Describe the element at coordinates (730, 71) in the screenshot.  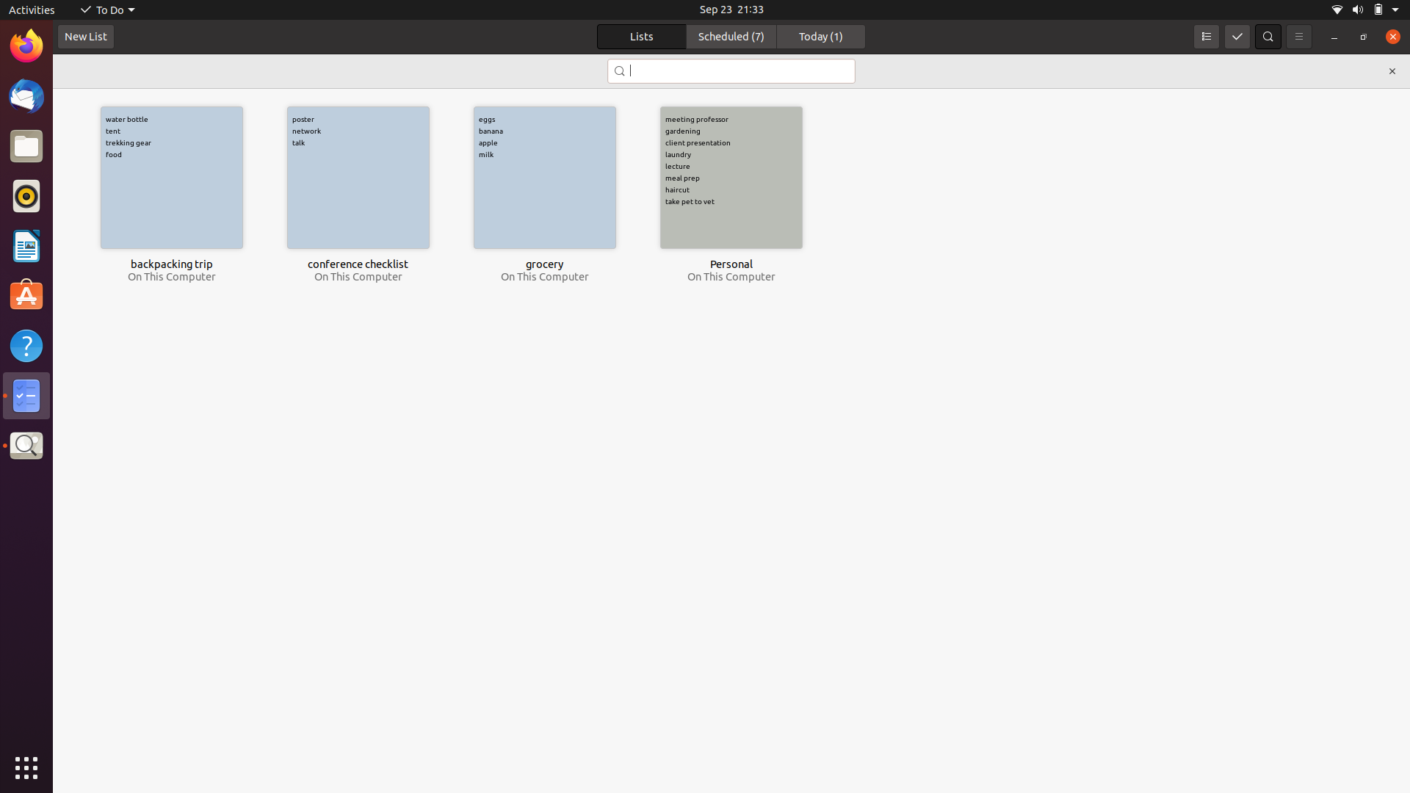
I see `the to-do named "conference` at that location.